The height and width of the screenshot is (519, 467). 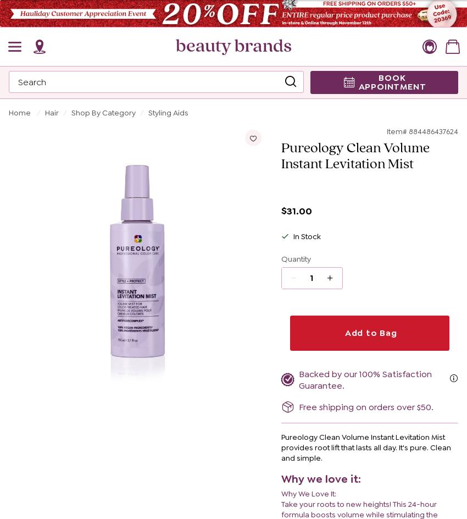 What do you see at coordinates (320, 479) in the screenshot?
I see `'Why we love it:'` at bounding box center [320, 479].